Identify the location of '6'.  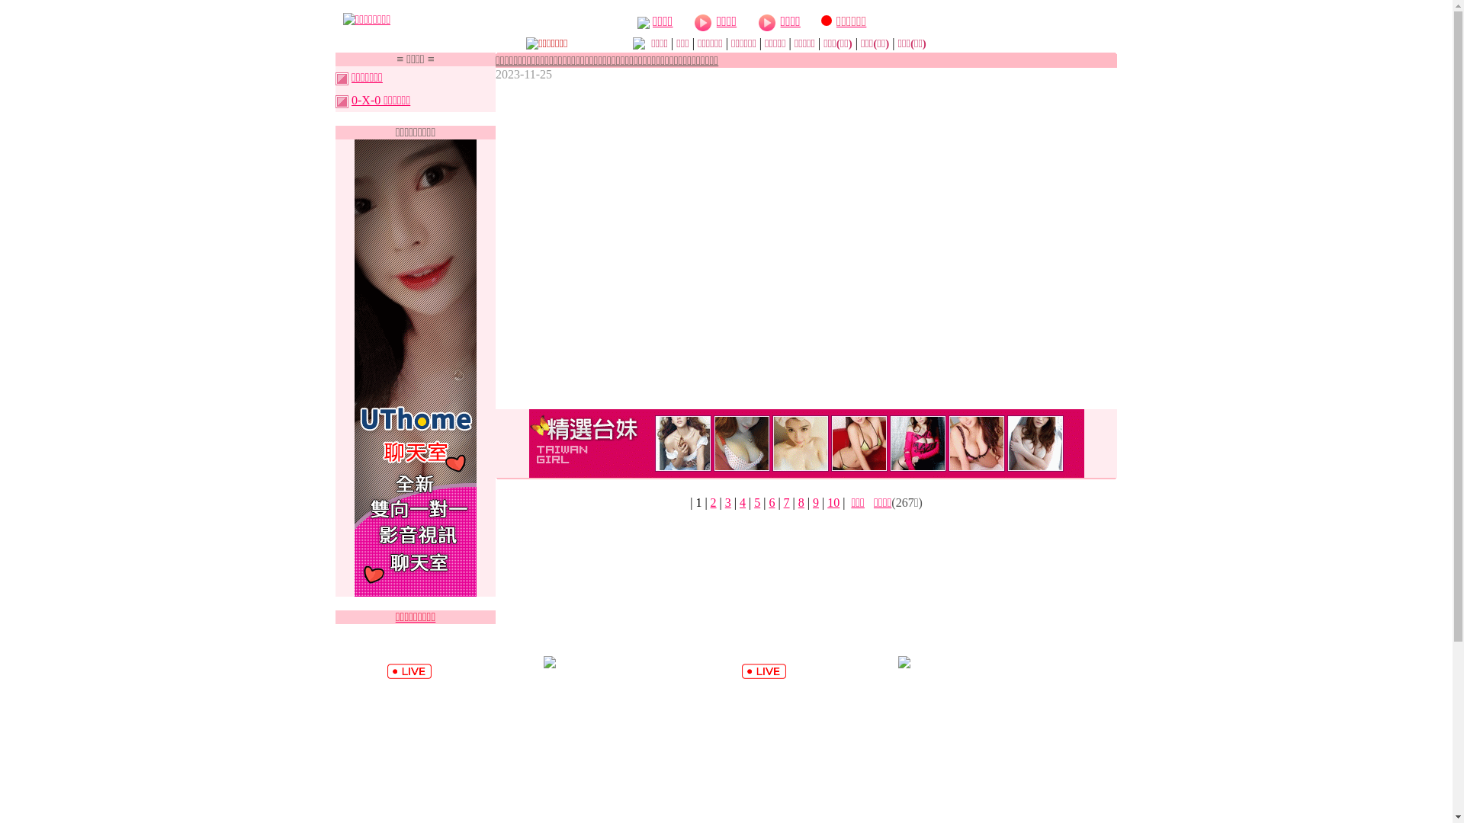
(772, 502).